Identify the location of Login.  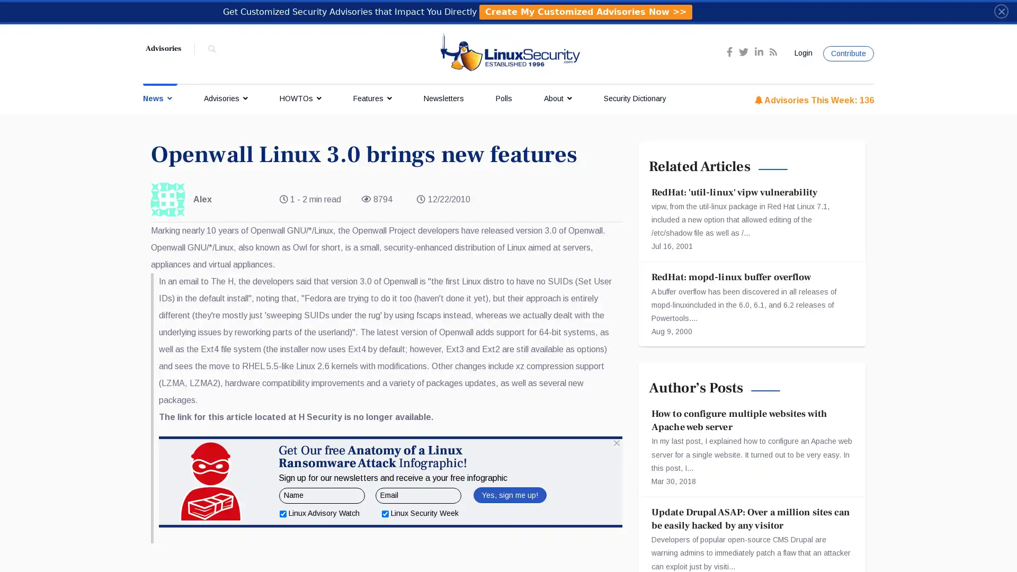
(801, 53).